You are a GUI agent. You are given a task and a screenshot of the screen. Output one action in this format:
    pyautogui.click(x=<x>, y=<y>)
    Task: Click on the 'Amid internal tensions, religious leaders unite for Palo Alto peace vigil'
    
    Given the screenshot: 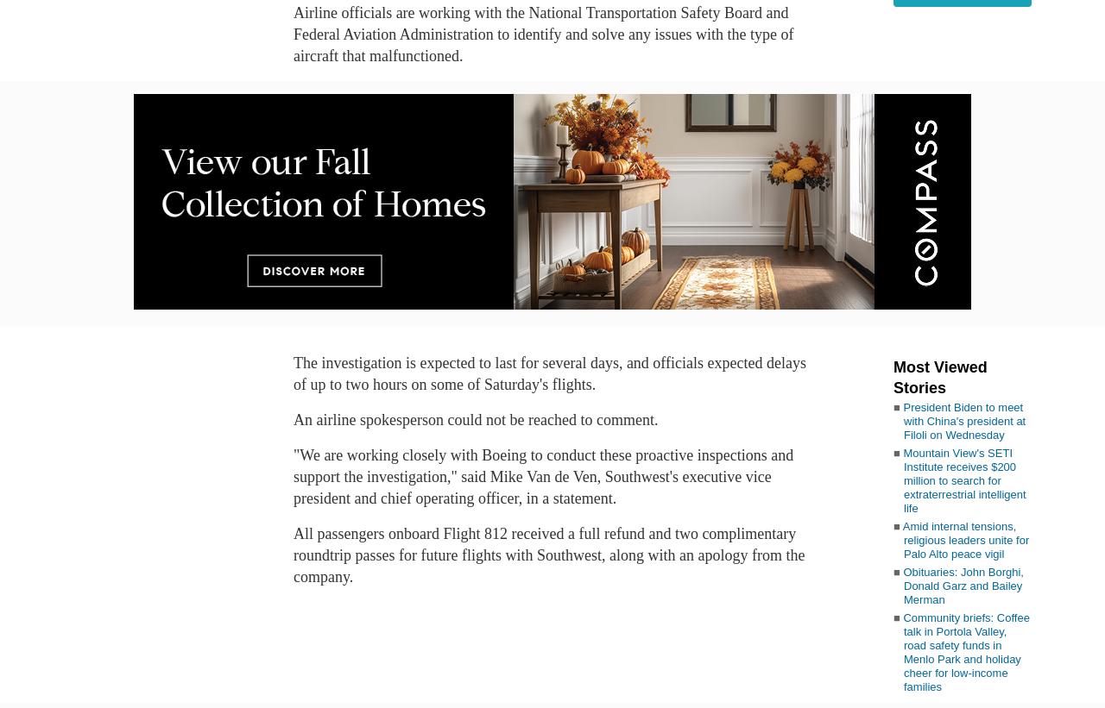 What is the action you would take?
    pyautogui.click(x=964, y=540)
    